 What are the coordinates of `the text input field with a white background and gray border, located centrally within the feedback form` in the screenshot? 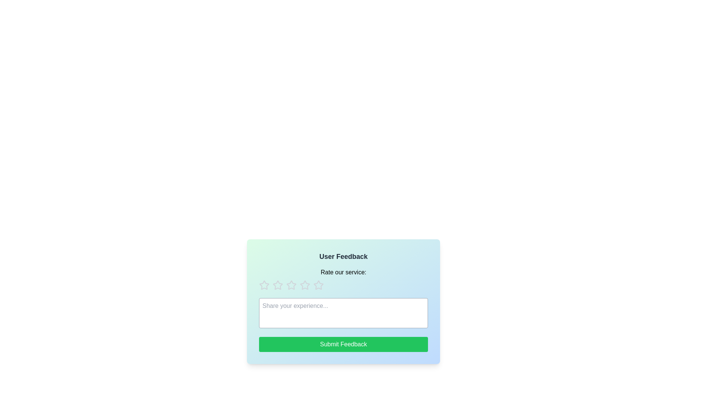 It's located at (343, 301).